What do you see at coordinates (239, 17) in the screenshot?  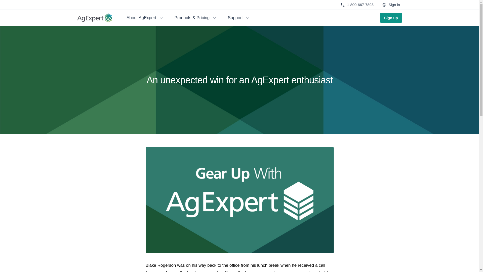 I see `'Support'` at bounding box center [239, 17].